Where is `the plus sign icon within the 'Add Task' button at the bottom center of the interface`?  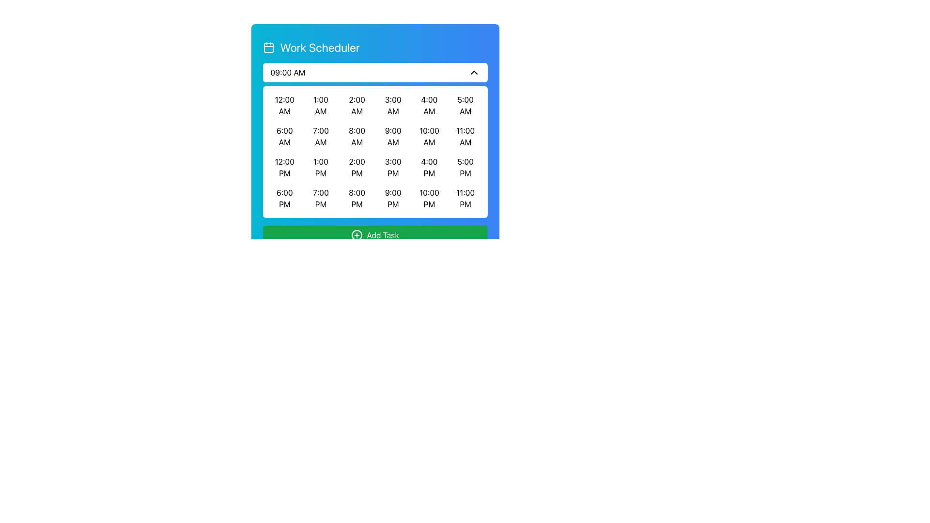 the plus sign icon within the 'Add Task' button at the bottom center of the interface is located at coordinates (356, 235).